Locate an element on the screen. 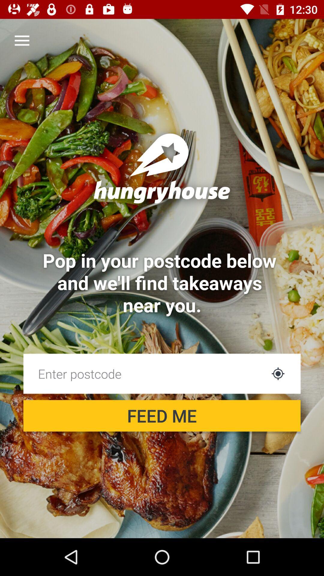 This screenshot has width=324, height=576. search box is located at coordinates (145, 373).